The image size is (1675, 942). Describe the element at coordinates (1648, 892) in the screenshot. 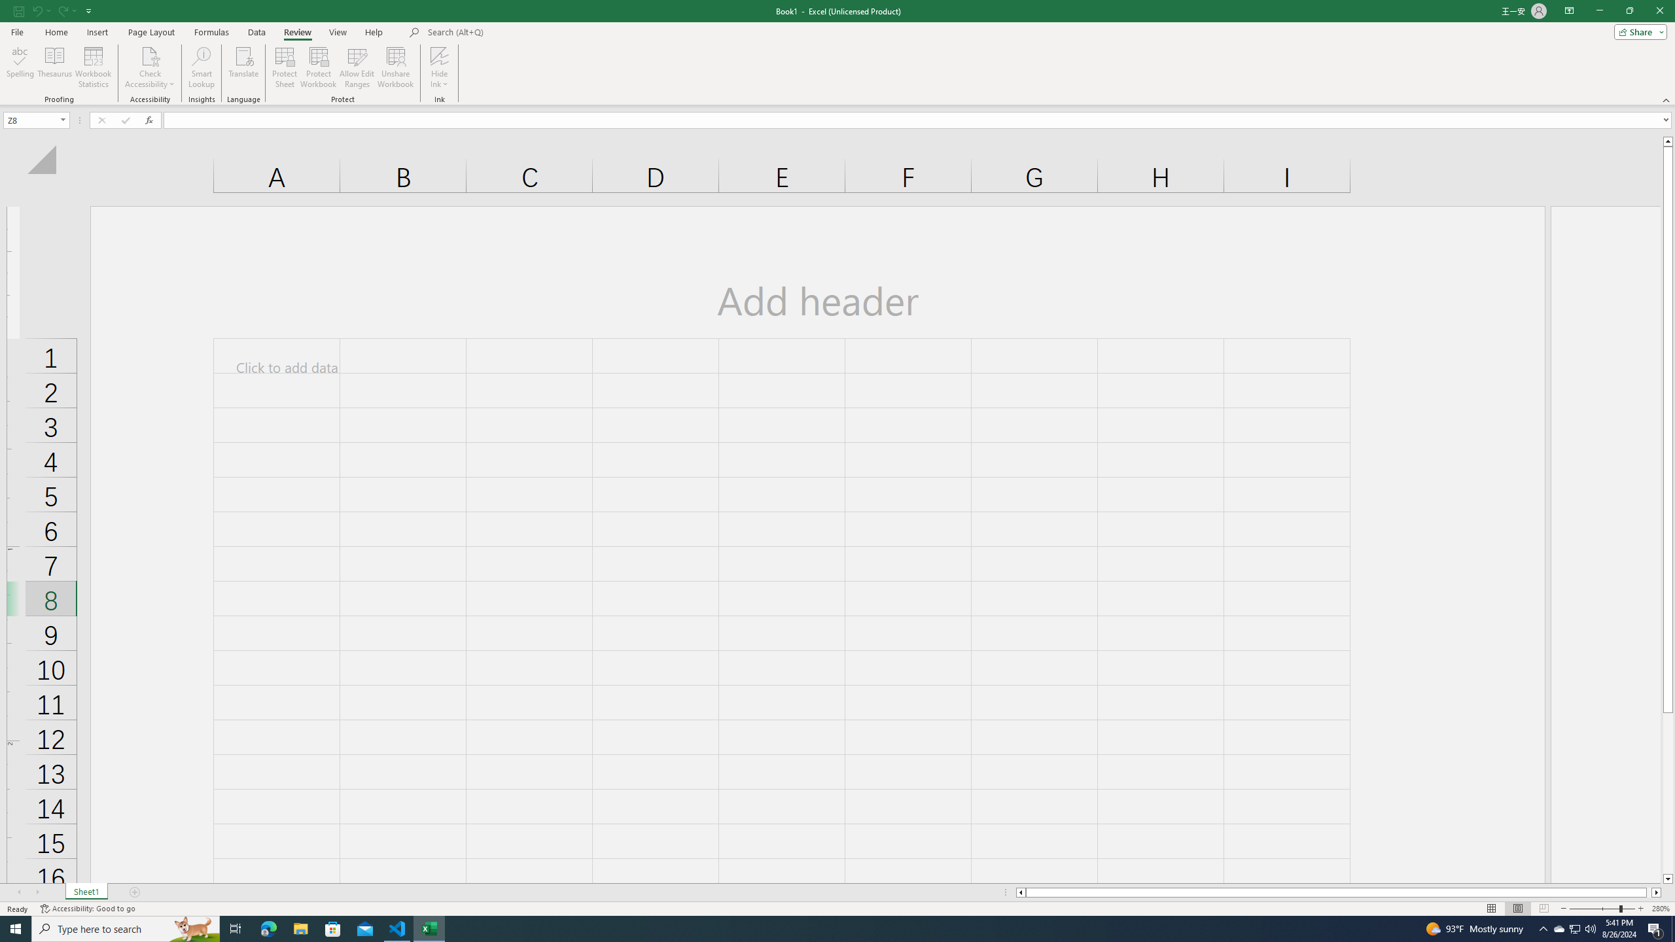

I see `'Page right'` at that location.